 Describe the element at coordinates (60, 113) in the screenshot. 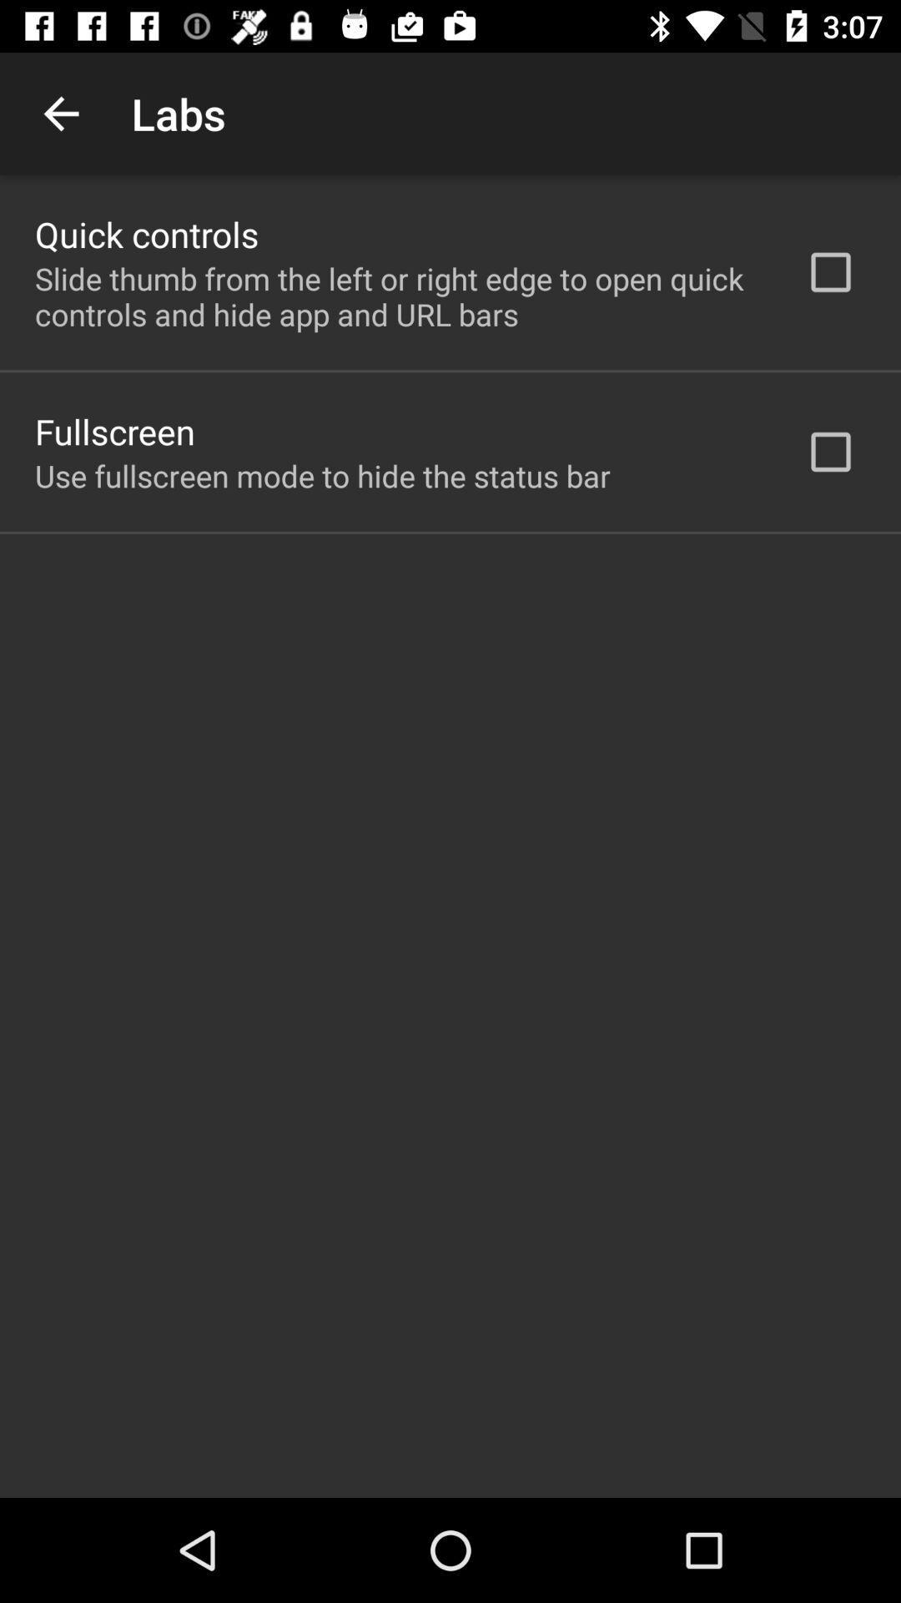

I see `item next to the labs` at that location.